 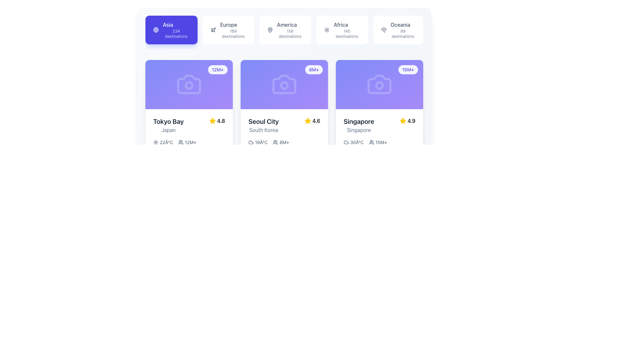 I want to click on bolded text label 'Africa' located at the top of the card component, which is part of a row of continent cards, so click(x=340, y=24).